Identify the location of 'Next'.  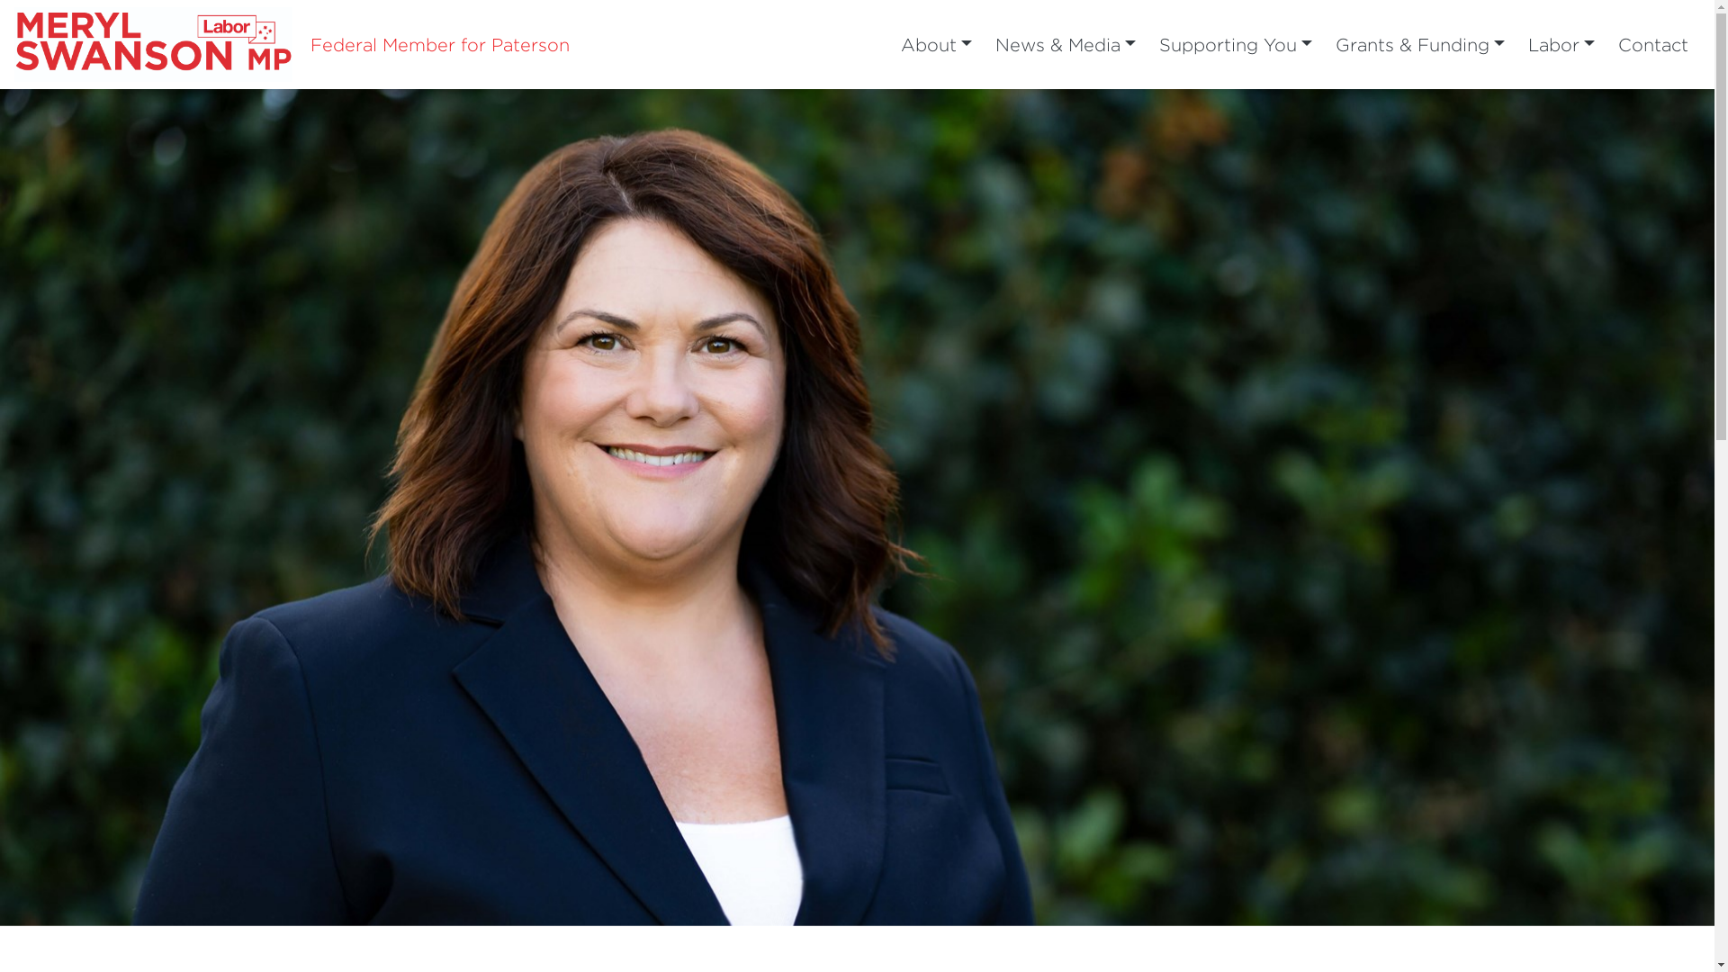
(1585, 507).